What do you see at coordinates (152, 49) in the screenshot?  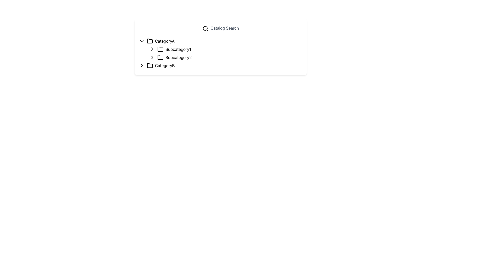 I see `the right-pointing chevron icon next to the 'Subcategory1' label under 'CategoryA'` at bounding box center [152, 49].